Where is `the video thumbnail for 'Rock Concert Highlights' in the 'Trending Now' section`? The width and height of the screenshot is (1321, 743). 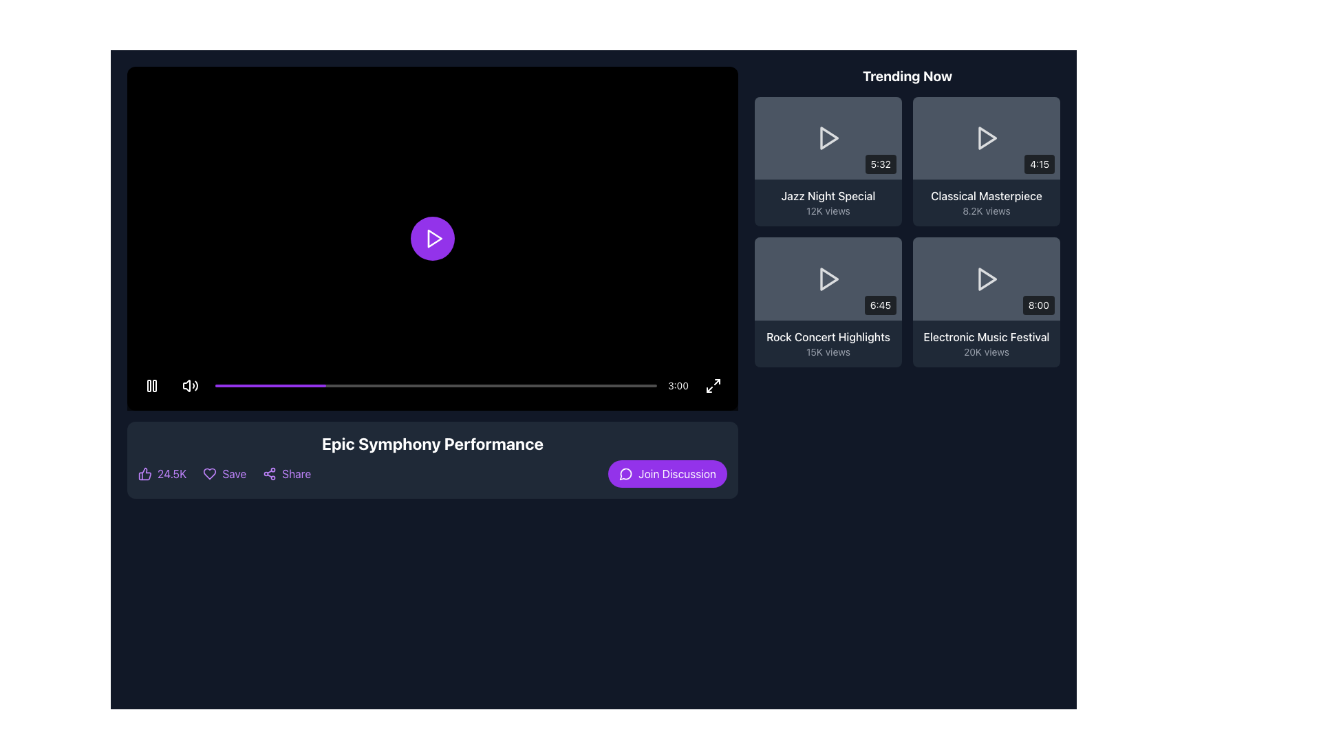 the video thumbnail for 'Rock Concert Highlights' in the 'Trending Now' section is located at coordinates (828, 279).